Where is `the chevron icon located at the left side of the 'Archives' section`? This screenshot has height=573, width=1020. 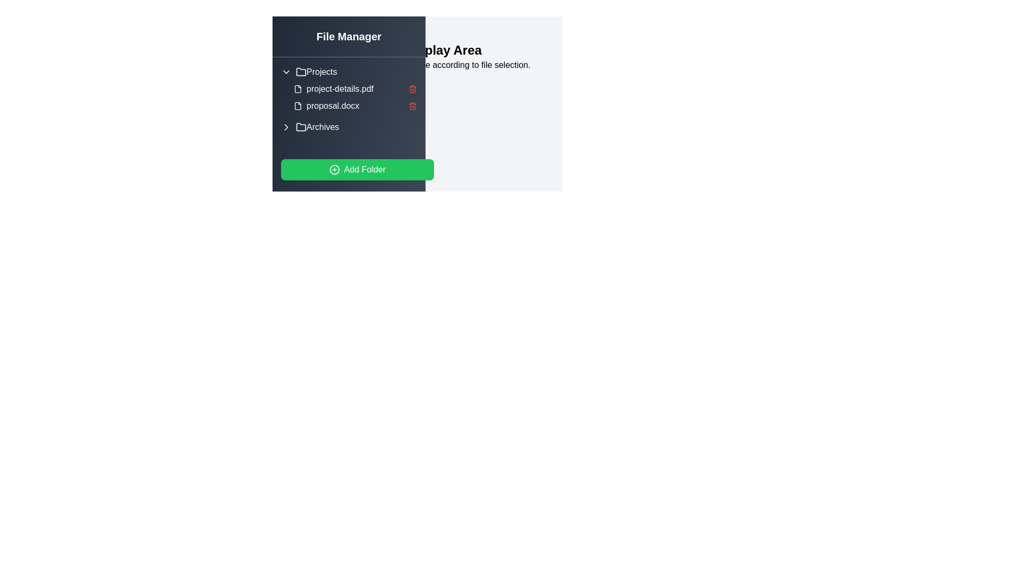 the chevron icon located at the left side of the 'Archives' section is located at coordinates (286, 126).